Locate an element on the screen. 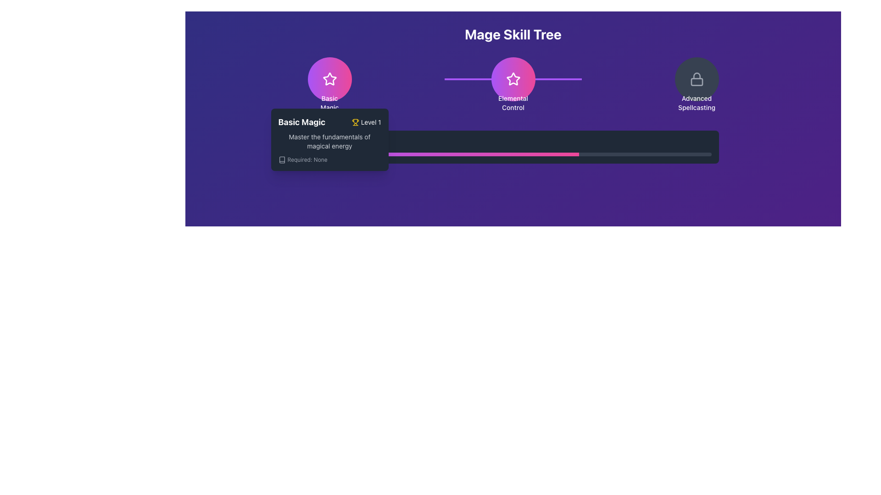 This screenshot has height=495, width=881. the rectangular portion of the lock symbol icon located in the top right area of the interface, indicating a locked state for the associated skill node is located at coordinates (697, 81).